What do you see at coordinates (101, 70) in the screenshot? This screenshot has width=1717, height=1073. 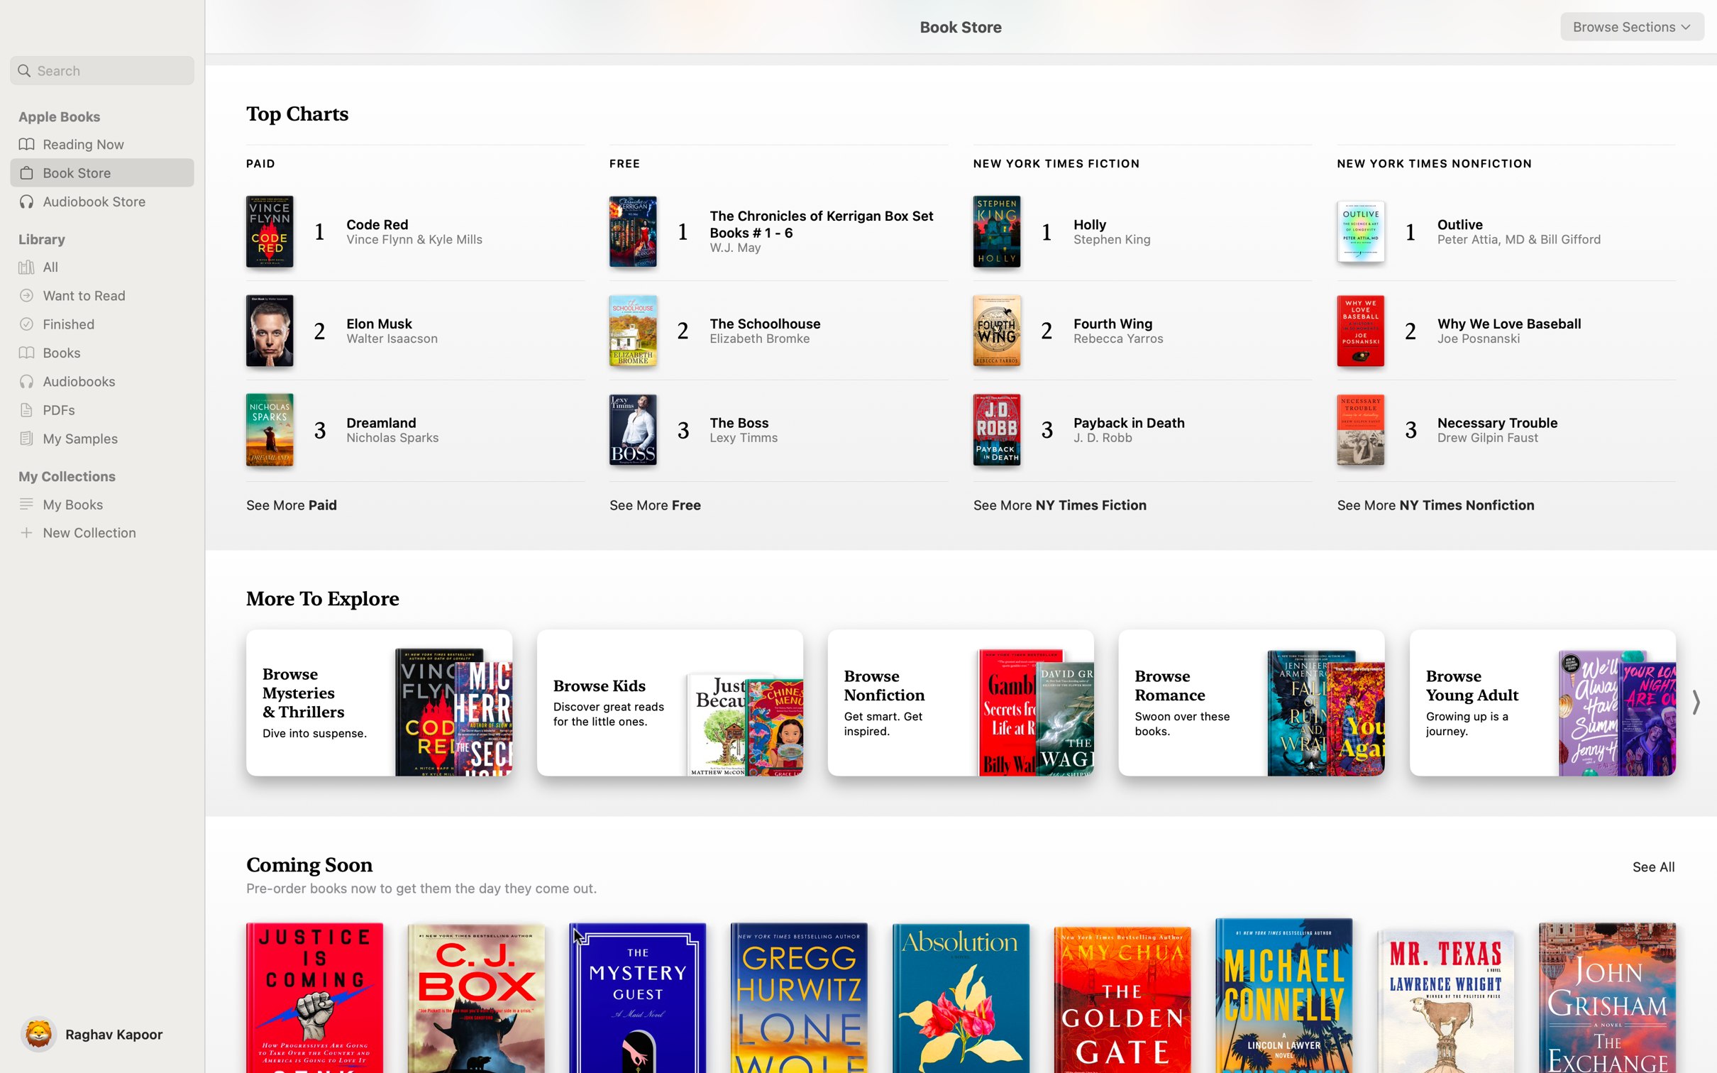 I see `and select the book "Rich dad poor dad" through the search tool` at bounding box center [101, 70].